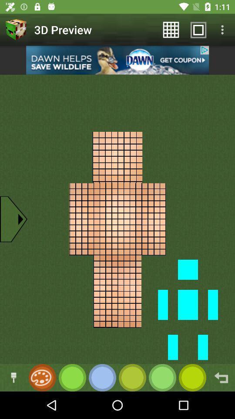 The height and width of the screenshot is (419, 235). Describe the element at coordinates (72, 377) in the screenshot. I see `color` at that location.